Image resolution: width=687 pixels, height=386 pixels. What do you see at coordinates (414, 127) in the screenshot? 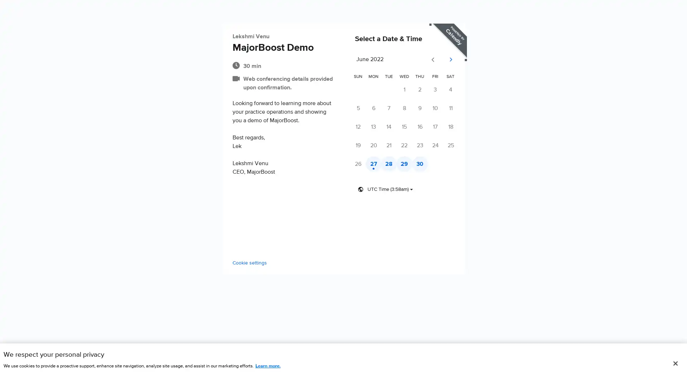
I see `Wednesday, June 15 - No times available` at bounding box center [414, 127].